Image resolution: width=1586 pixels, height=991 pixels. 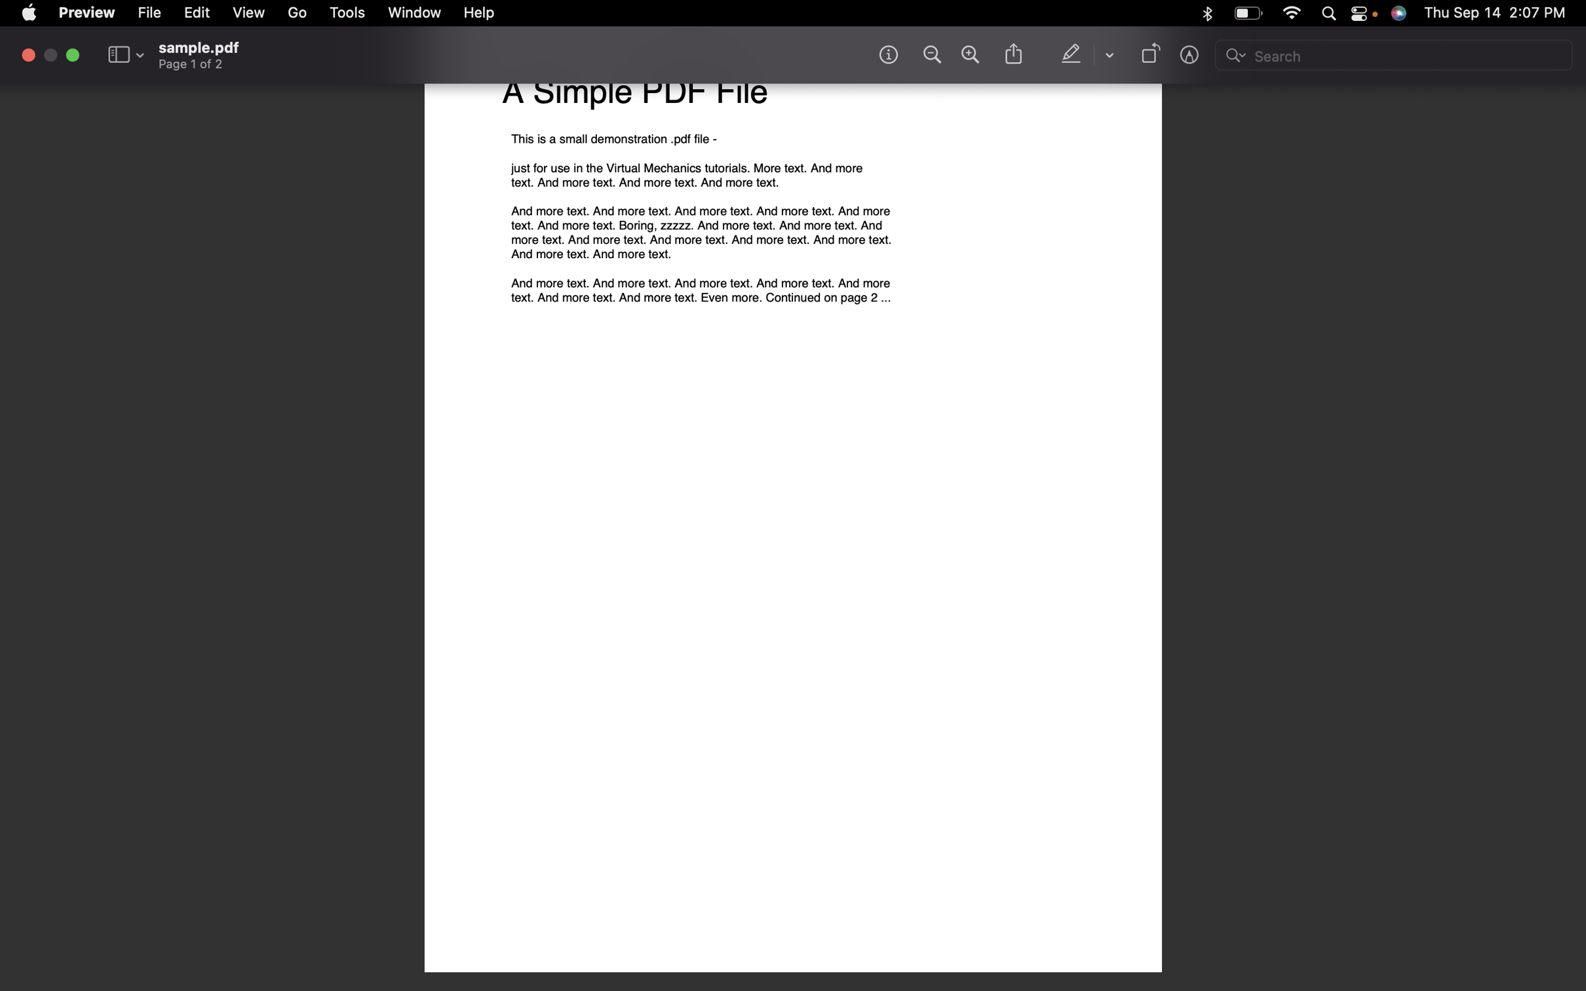 I want to click on Retrieve details about the document, so click(x=888, y=53).